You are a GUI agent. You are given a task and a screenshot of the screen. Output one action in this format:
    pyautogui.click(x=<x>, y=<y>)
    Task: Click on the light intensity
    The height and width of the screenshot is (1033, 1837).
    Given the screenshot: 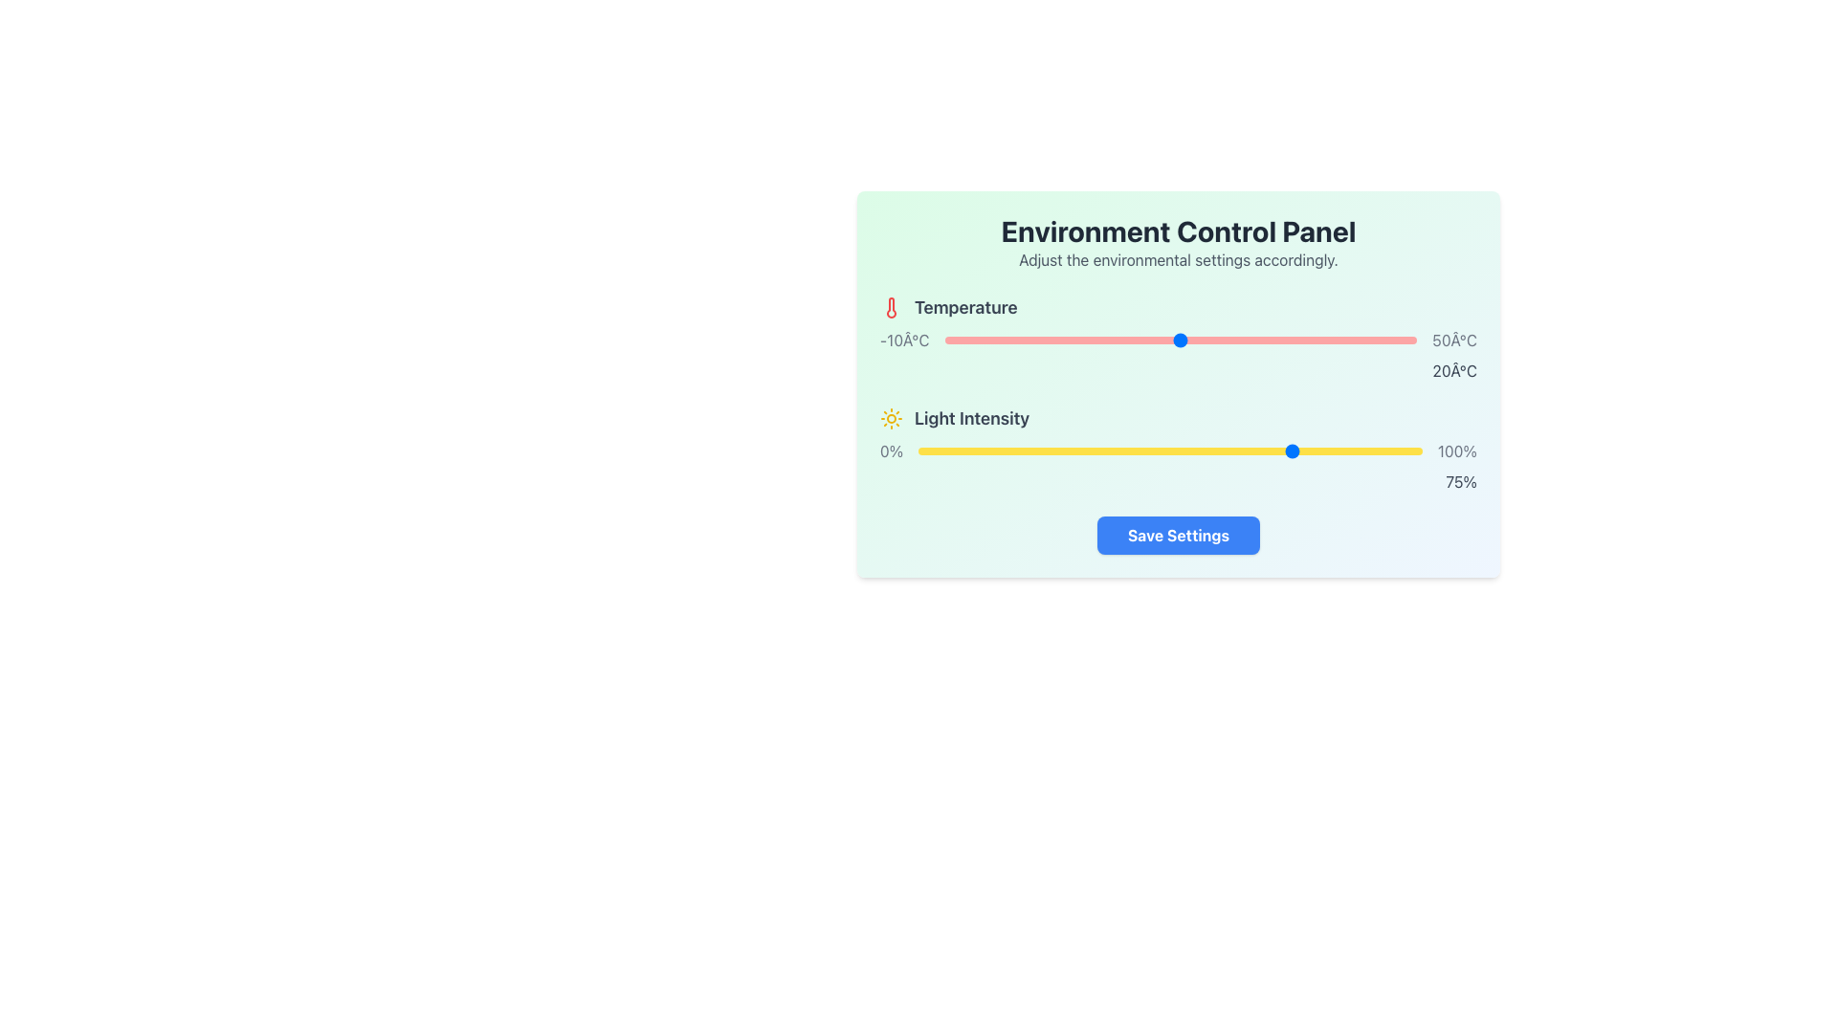 What is the action you would take?
    pyautogui.click(x=1199, y=451)
    